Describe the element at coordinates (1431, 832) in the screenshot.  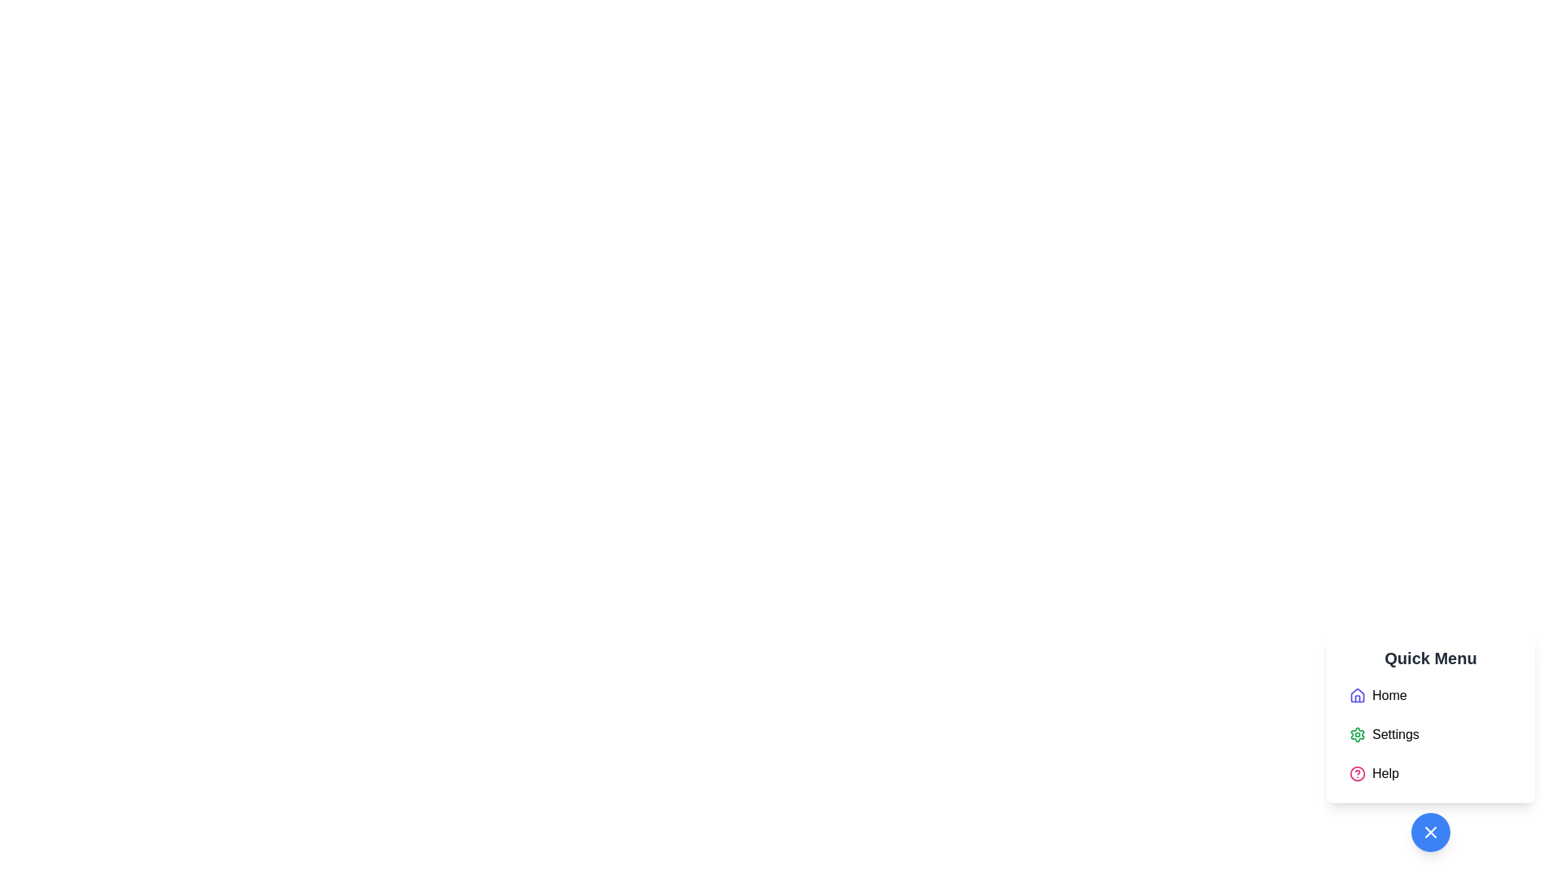
I see `the close button located at the bottom-right corner of the Quick Menu interface` at that location.